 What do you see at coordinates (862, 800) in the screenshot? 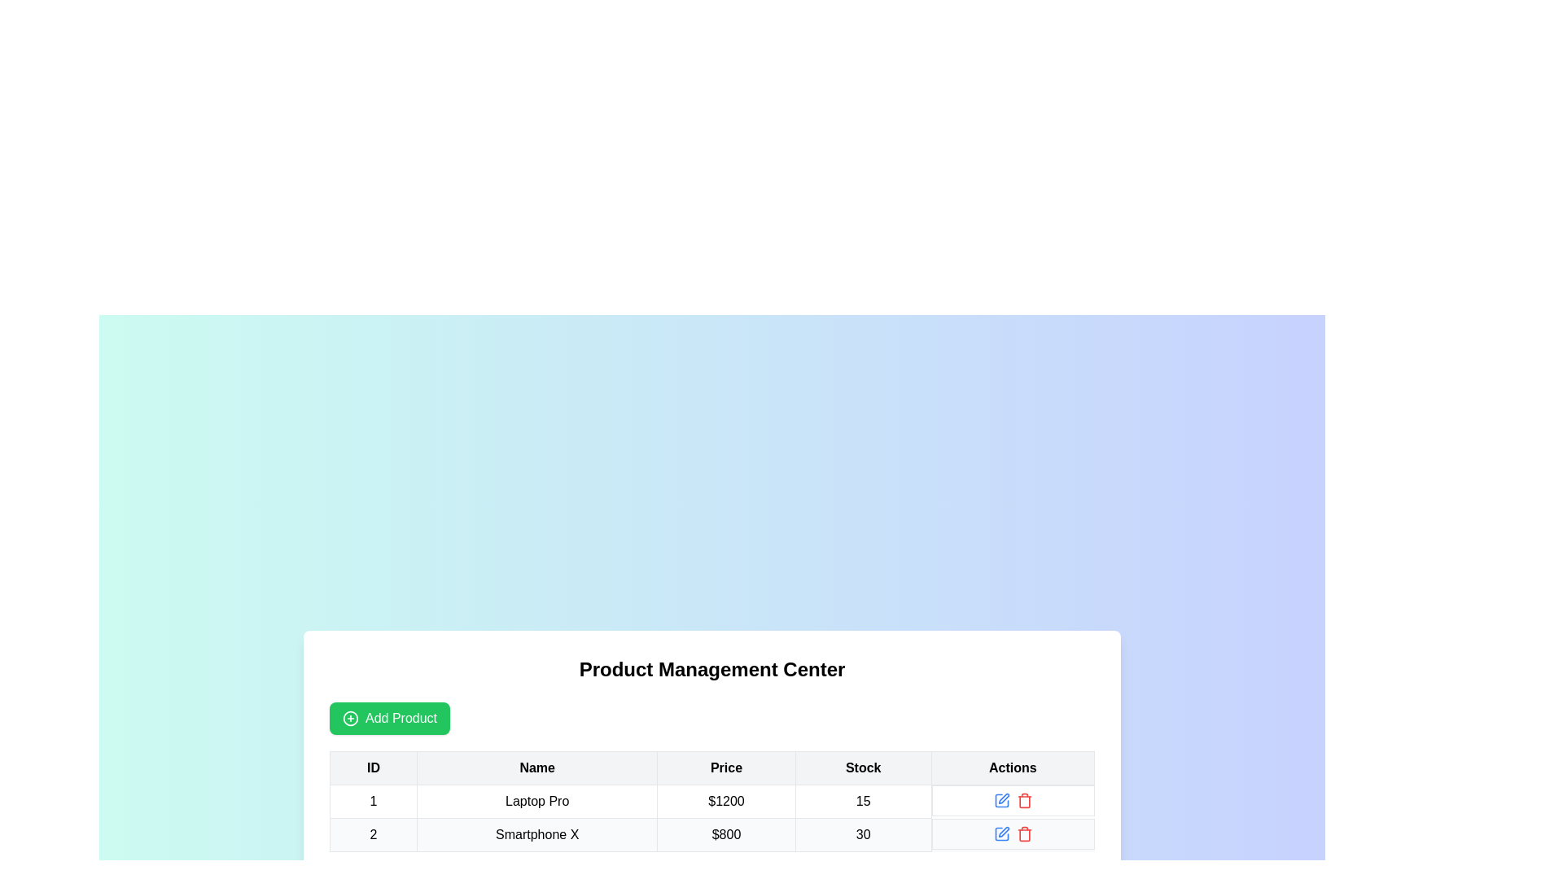
I see `the table cell containing the text '15' in the 'Stock' column for the first product ('Laptop Pro')` at bounding box center [862, 800].